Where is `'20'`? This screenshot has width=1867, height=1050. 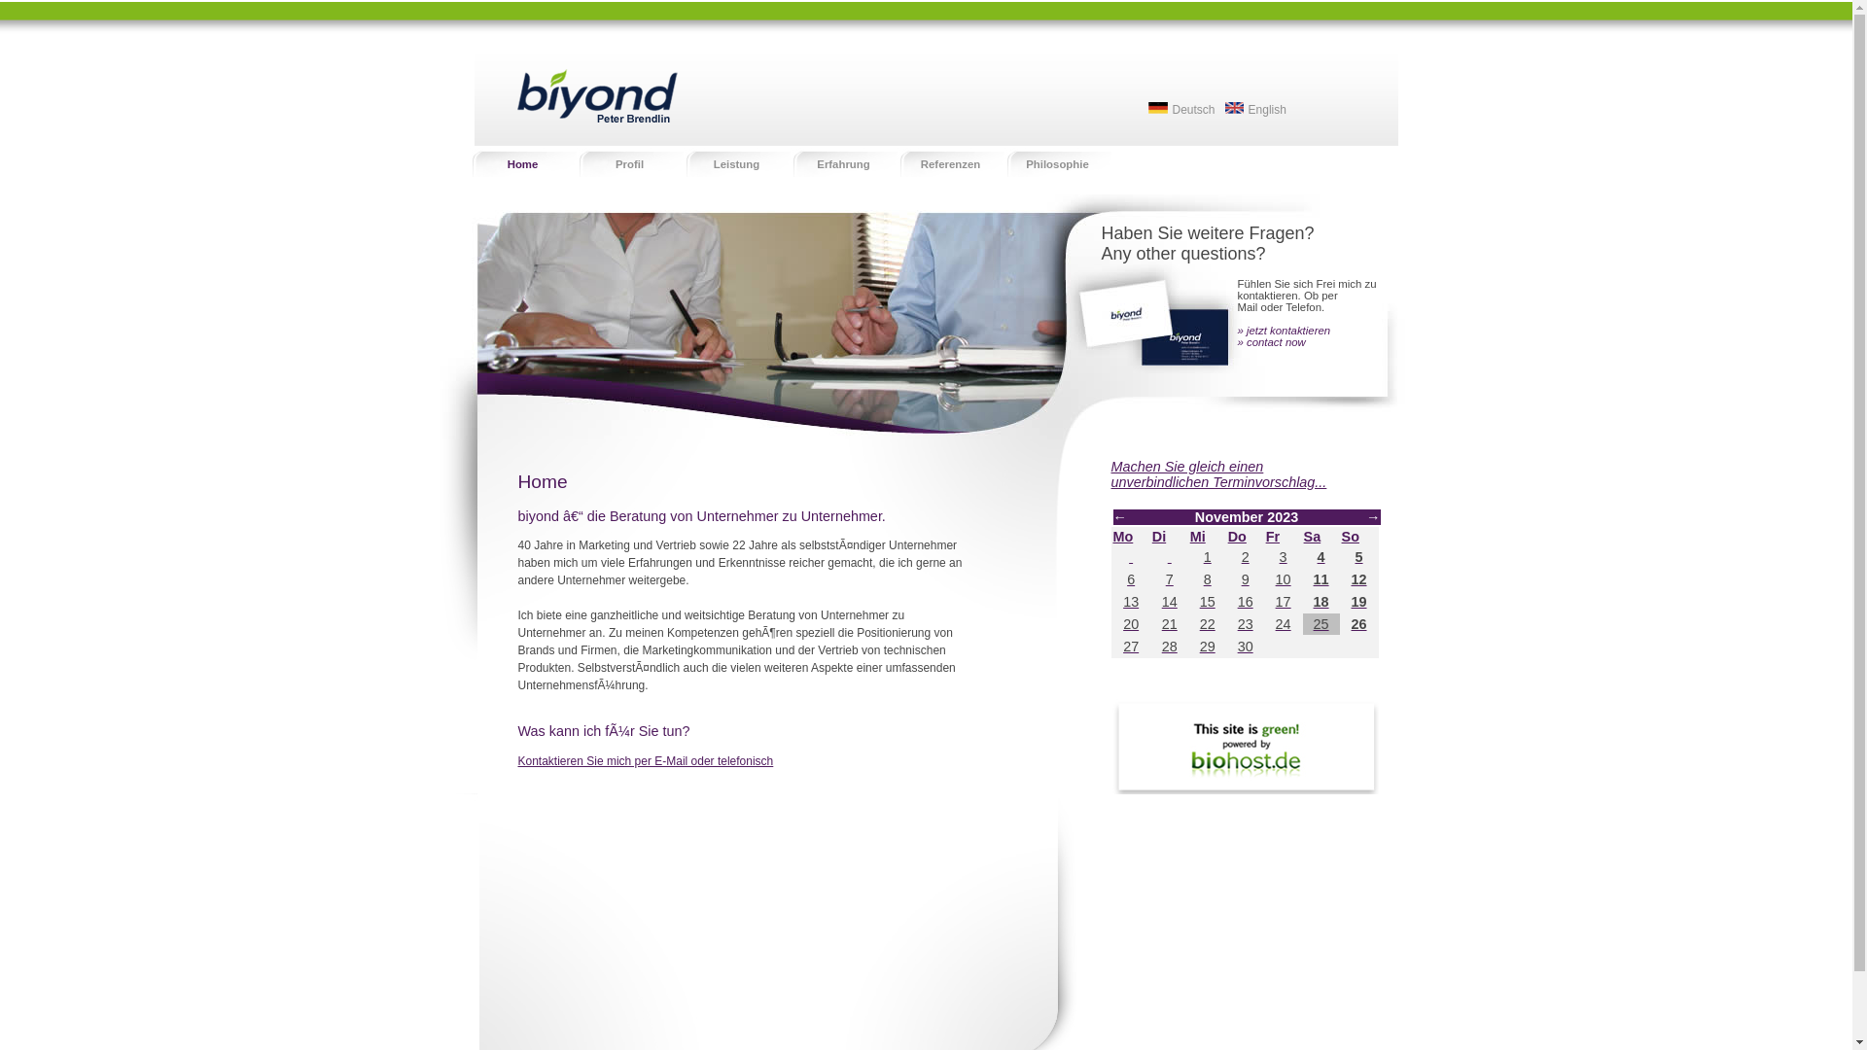 '20' is located at coordinates (1130, 623).